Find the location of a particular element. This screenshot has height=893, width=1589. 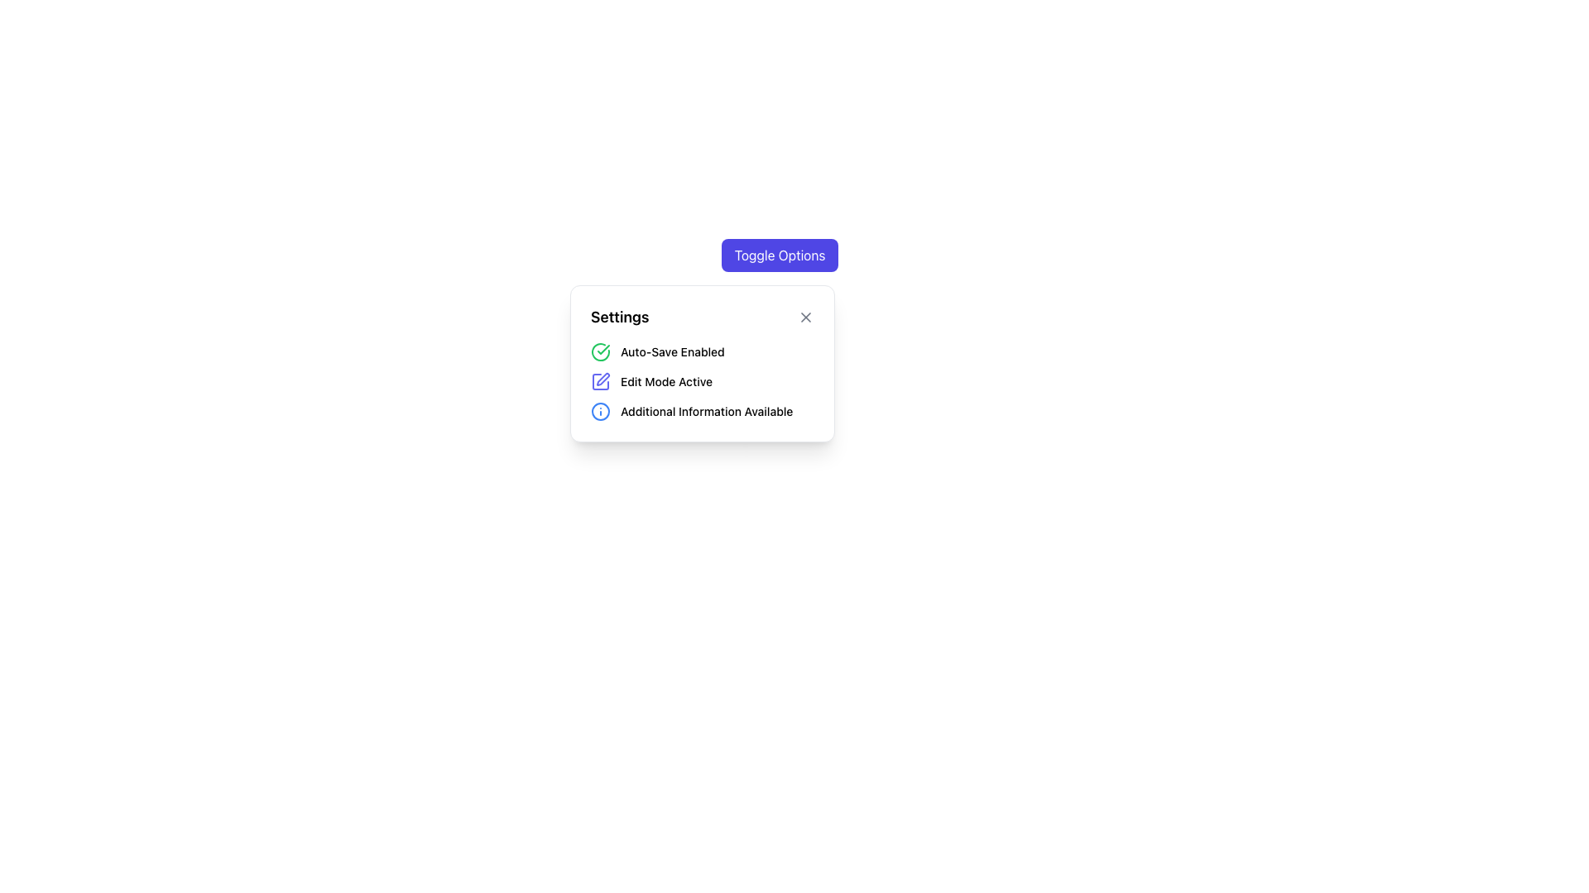

the indigo pen icon for editing within the settings menu is located at coordinates (602, 380).